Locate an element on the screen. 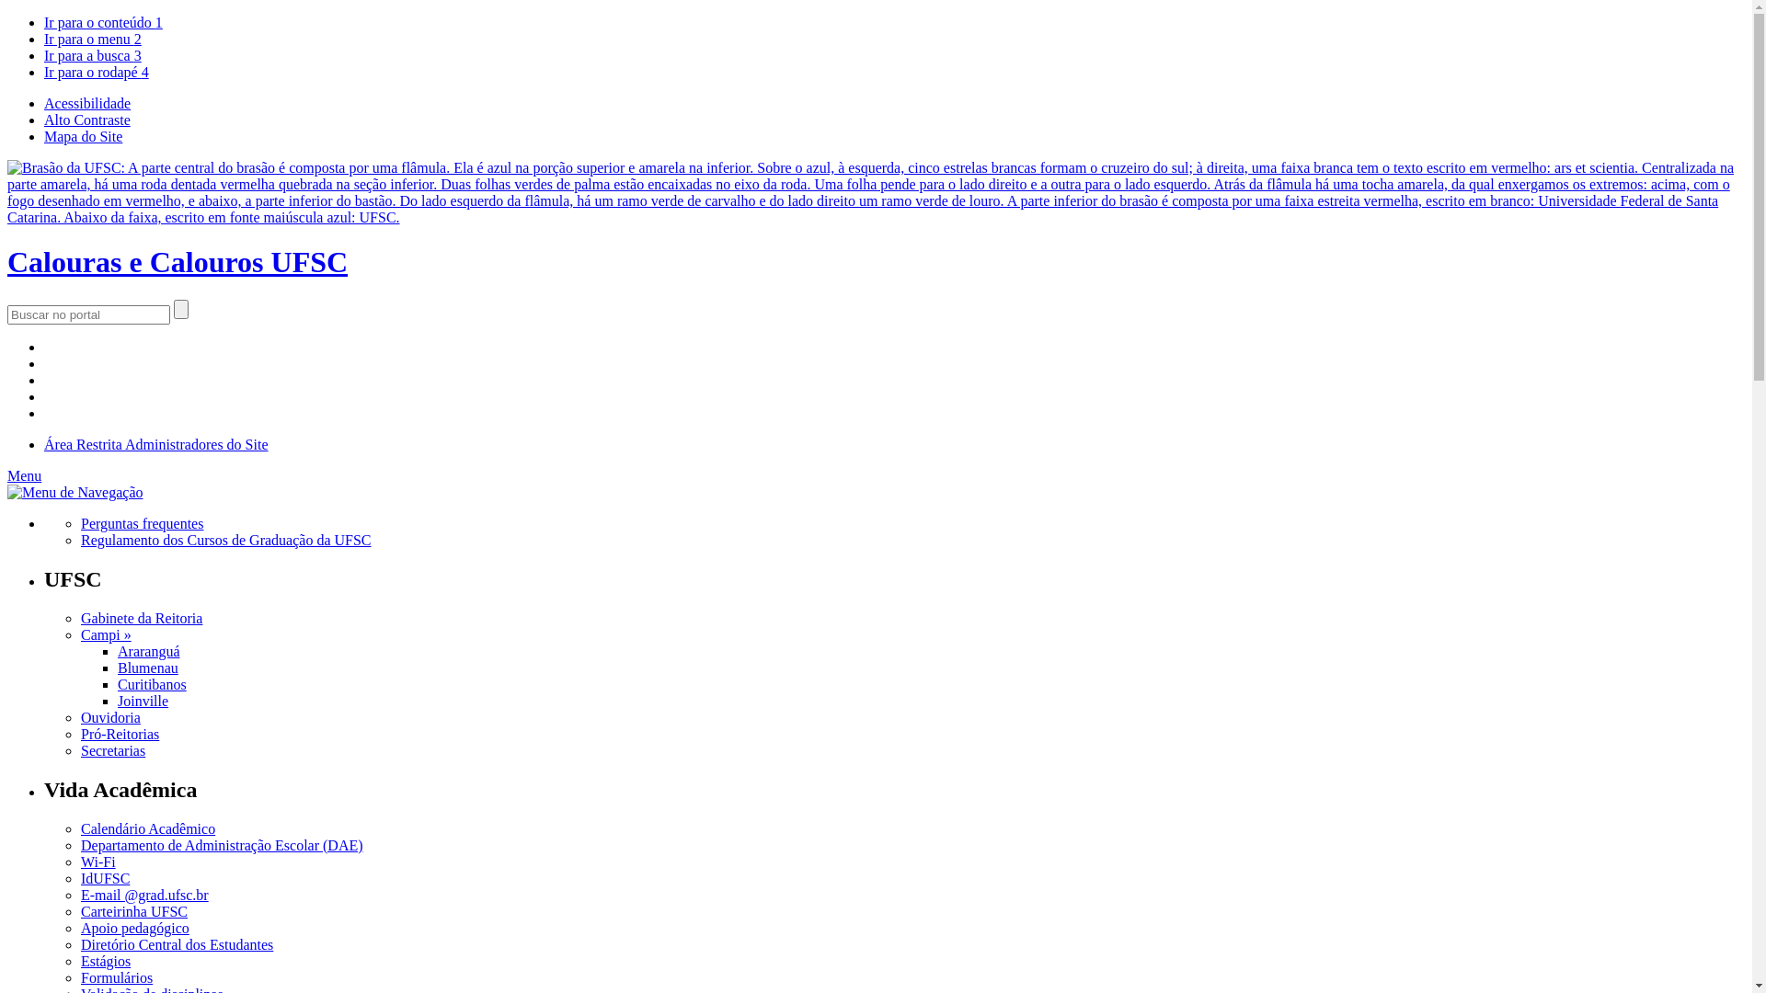 The width and height of the screenshot is (1766, 993). 'Perguntas frequentes' is located at coordinates (141, 523).